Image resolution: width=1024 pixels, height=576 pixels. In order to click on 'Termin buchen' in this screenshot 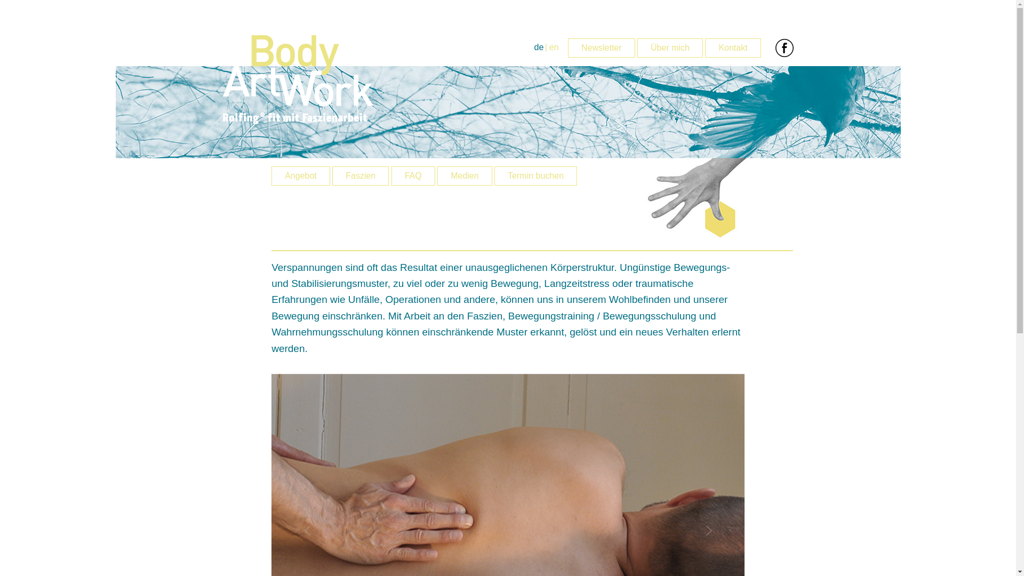, I will do `click(535, 175)`.